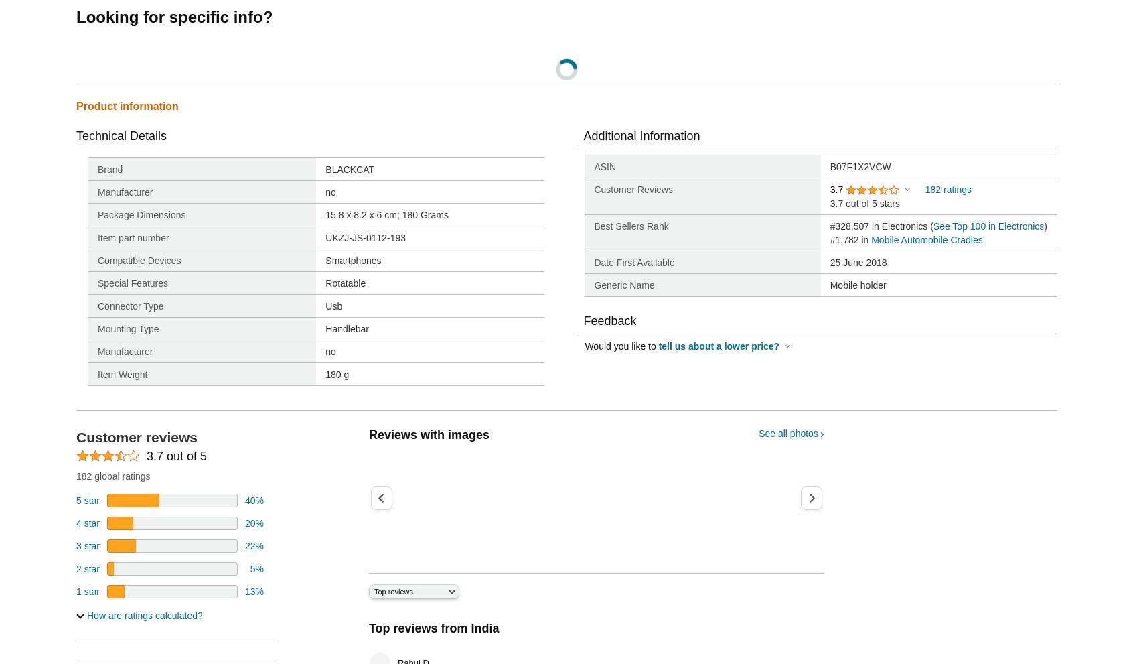 Image resolution: width=1133 pixels, height=664 pixels. What do you see at coordinates (392, 591) in the screenshot?
I see `'Top reviews'` at bounding box center [392, 591].